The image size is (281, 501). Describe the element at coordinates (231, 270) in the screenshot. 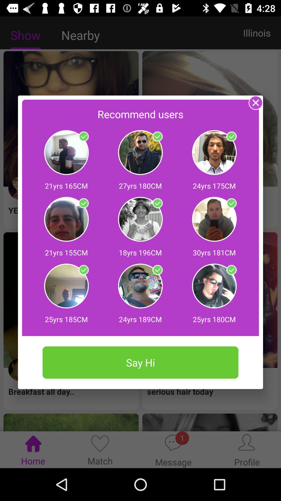

I see `the particular user to say hi` at that location.